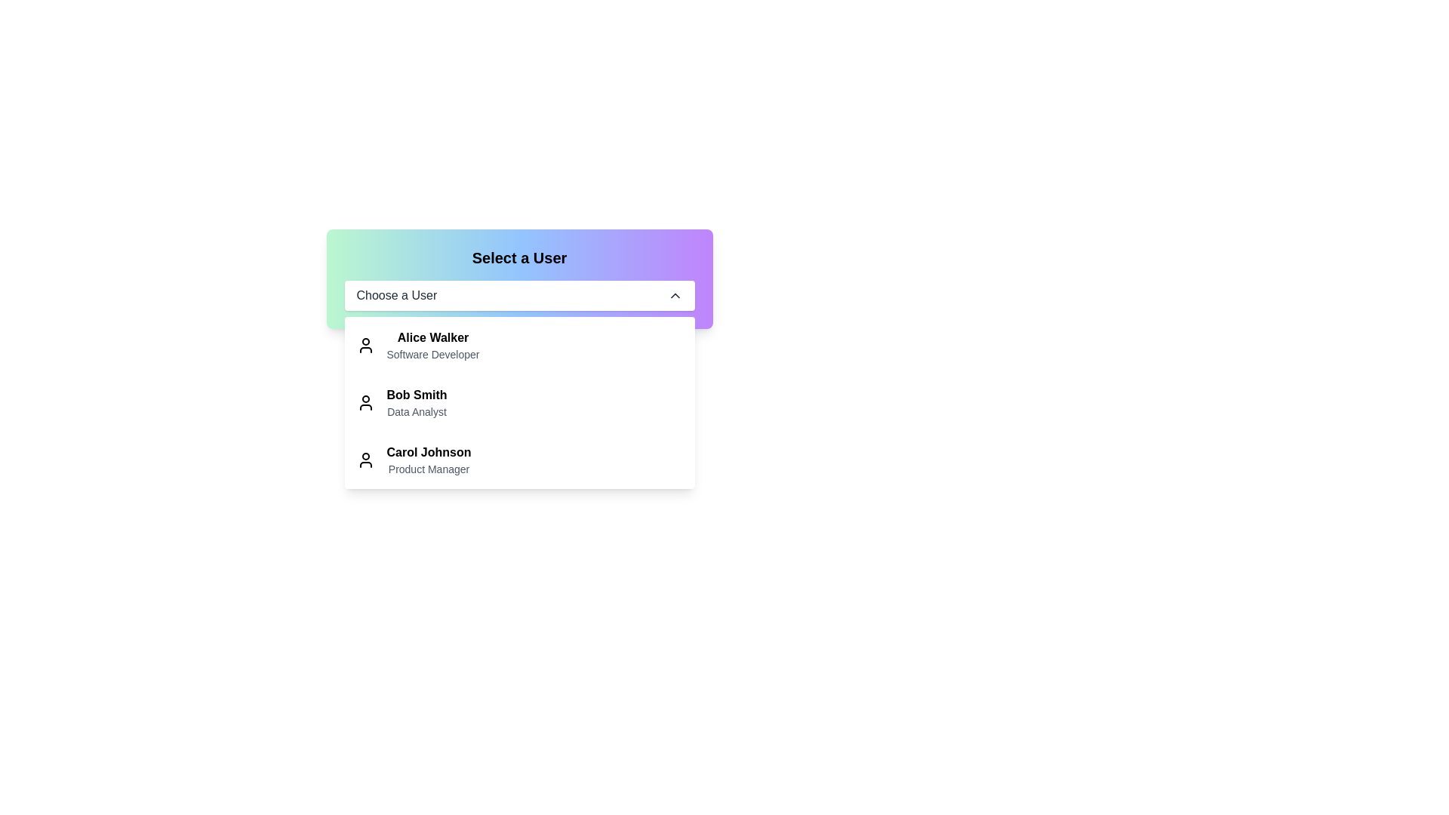 Image resolution: width=1449 pixels, height=815 pixels. Describe the element at coordinates (417, 412) in the screenshot. I see `the 'Data Analyst' text label, which is styled in a smaller and lighter typeface and located below the name 'Bob Smith' in the dropdown list of users` at that location.